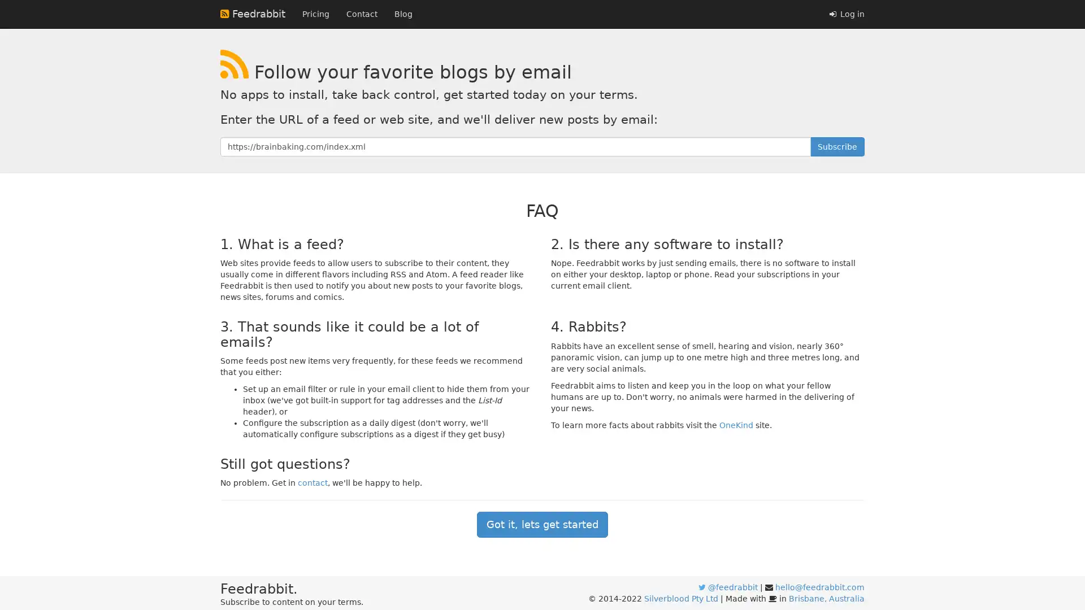  Describe the element at coordinates (837, 145) in the screenshot. I see `Subscribe` at that location.